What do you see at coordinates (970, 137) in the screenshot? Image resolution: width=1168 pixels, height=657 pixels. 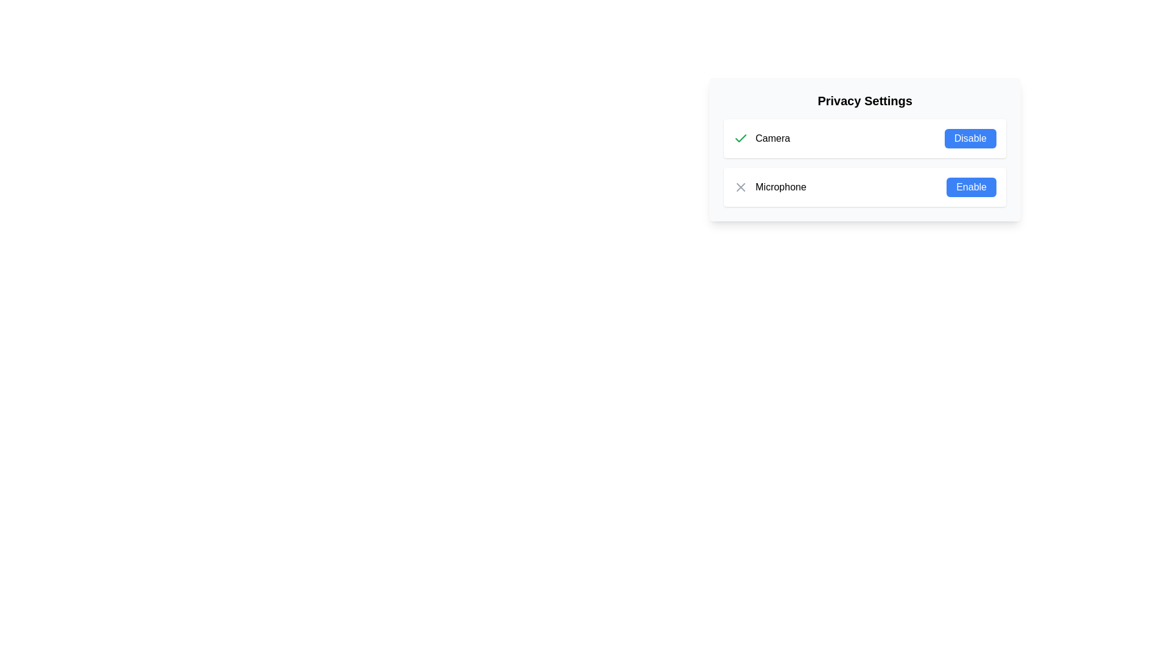 I see `the button in the 'Privacy Settings' panel that disables the 'Camera' feature` at bounding box center [970, 137].